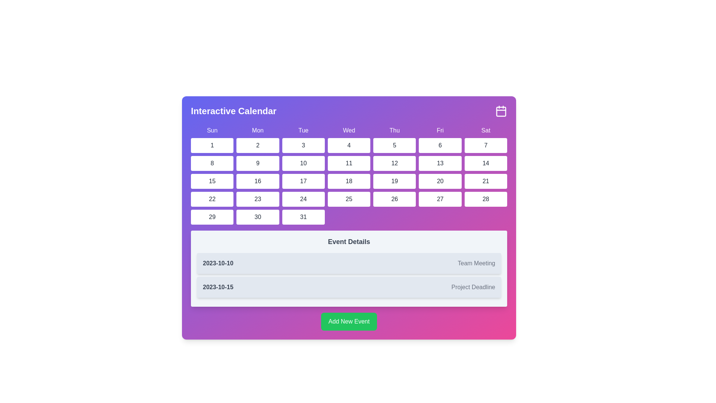  Describe the element at coordinates (440, 199) in the screenshot. I see `the rectangular button displaying the text '27' in dark gray, located under the 'Fri' column of the grid listing days of the month` at that location.